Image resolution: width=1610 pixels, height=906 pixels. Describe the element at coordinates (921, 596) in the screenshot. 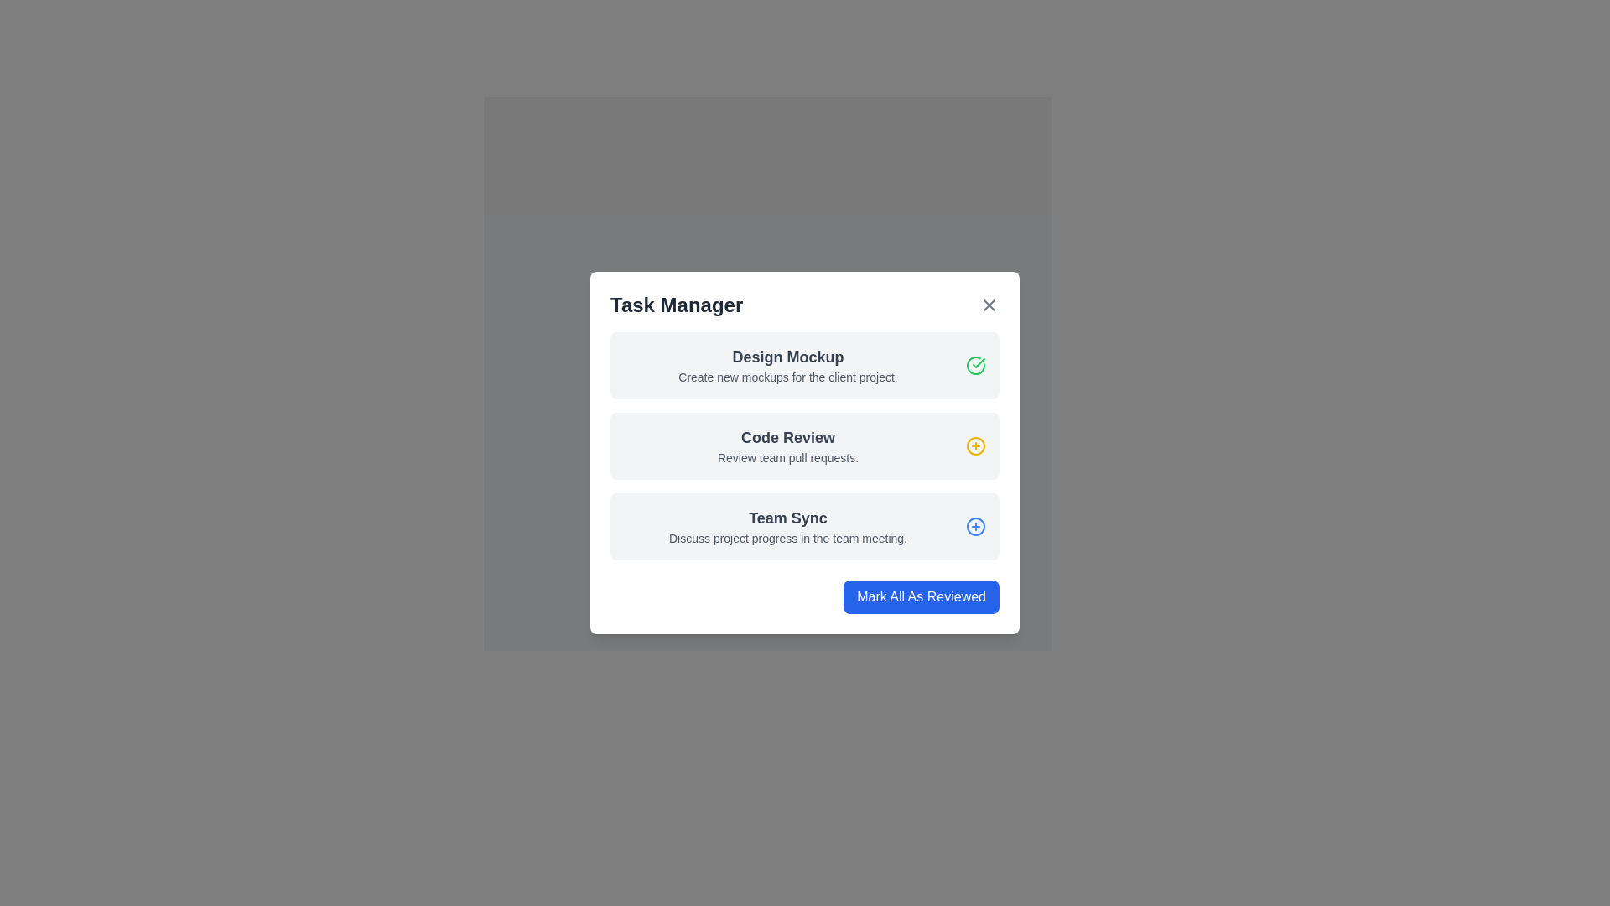

I see `the button at the bottom-right corner of the 'Task Manager' popup to mark all tasks as reviewed` at that location.